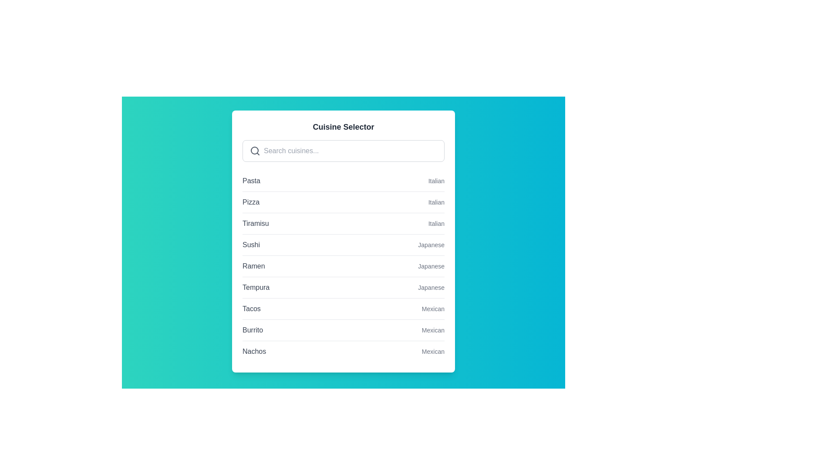  What do you see at coordinates (251, 181) in the screenshot?
I see `the text label for the cuisine type 'Pasta', which is the first item under the 'Cuisine Selector' header` at bounding box center [251, 181].